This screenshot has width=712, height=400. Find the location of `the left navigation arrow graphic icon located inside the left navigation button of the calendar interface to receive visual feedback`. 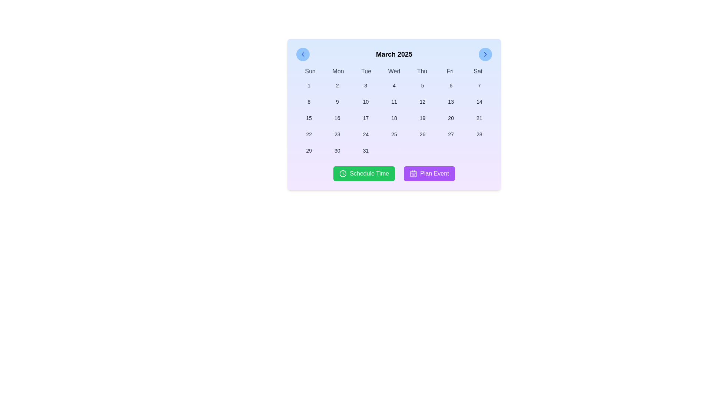

the left navigation arrow graphic icon located inside the left navigation button of the calendar interface to receive visual feedback is located at coordinates (303, 54).